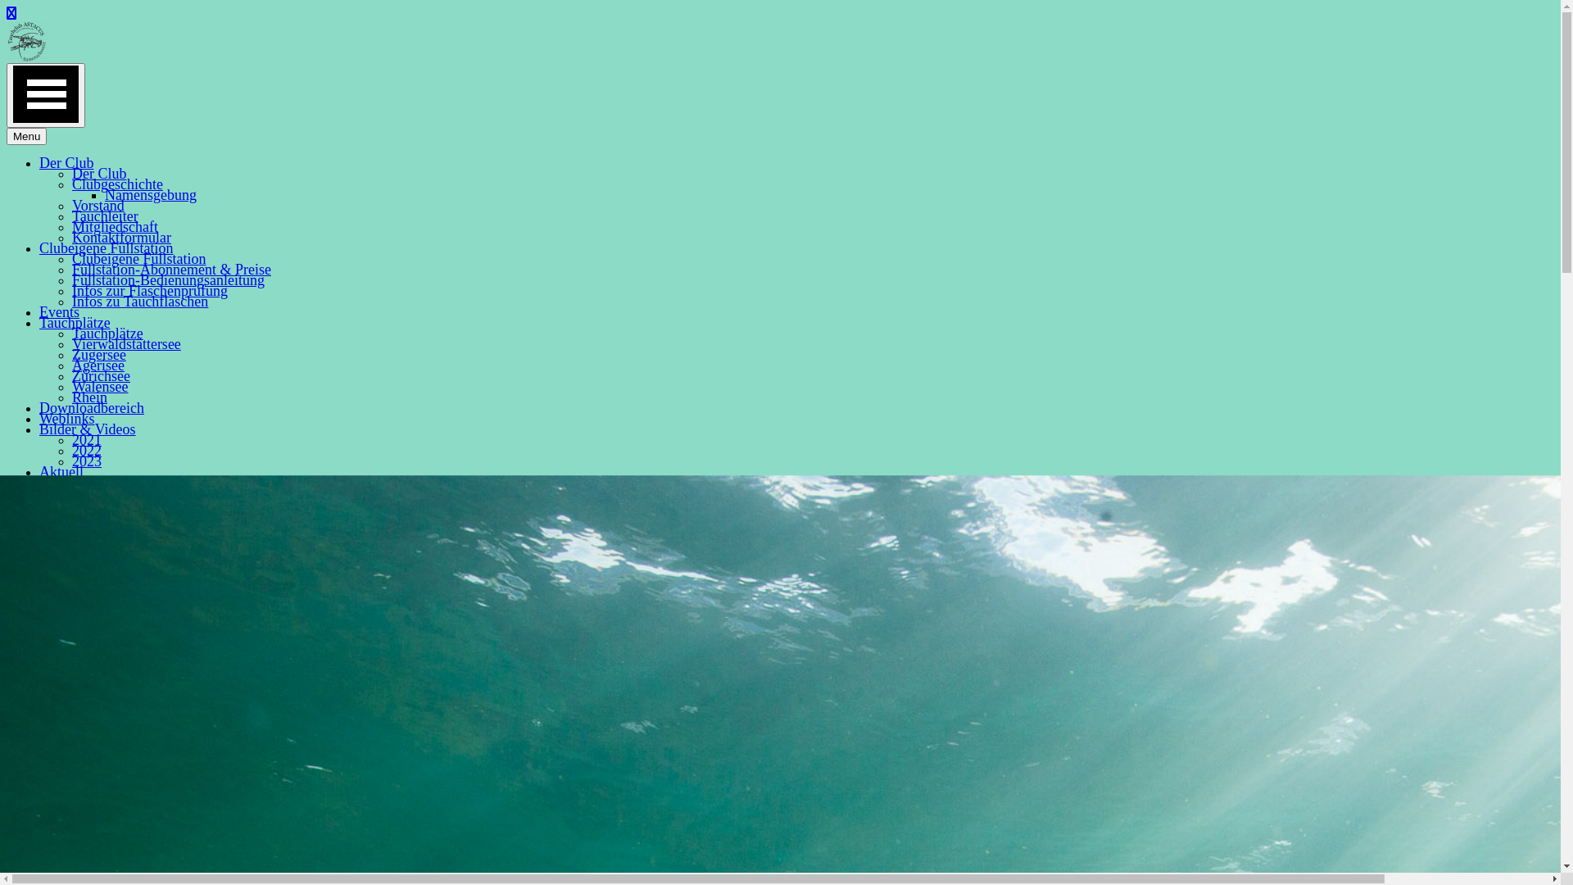 This screenshot has height=885, width=1573. I want to click on 'Rhein', so click(70, 397).